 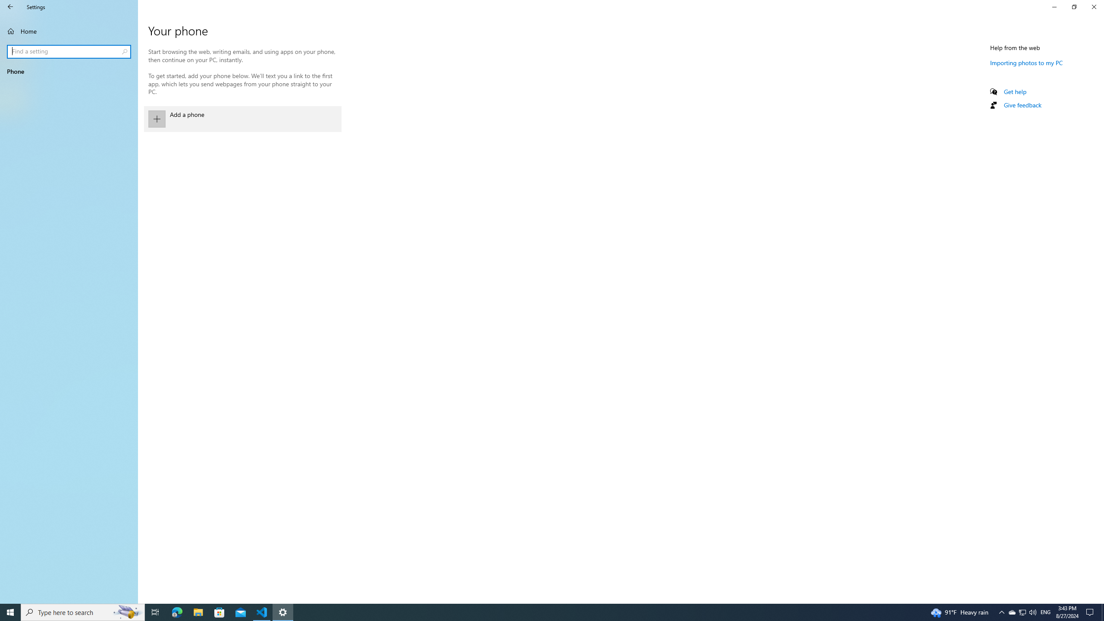 What do you see at coordinates (69, 31) in the screenshot?
I see `'Home'` at bounding box center [69, 31].